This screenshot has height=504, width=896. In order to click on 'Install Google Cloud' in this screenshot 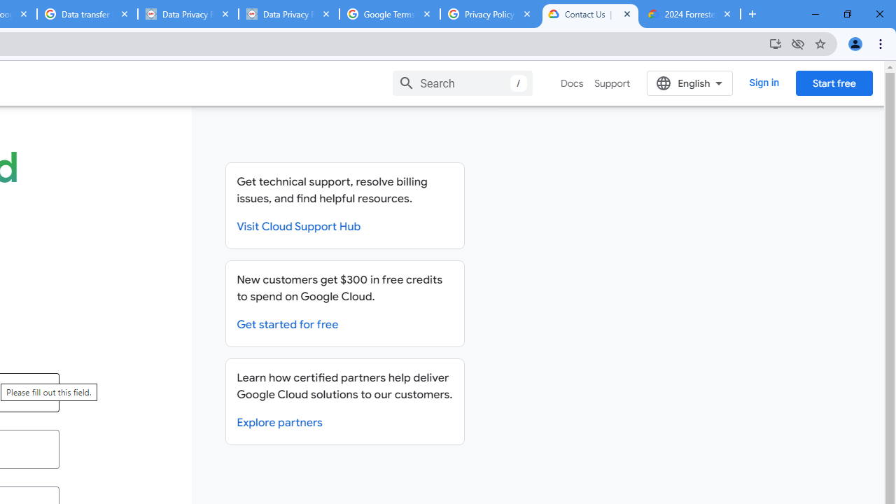, I will do `click(774, 43)`.